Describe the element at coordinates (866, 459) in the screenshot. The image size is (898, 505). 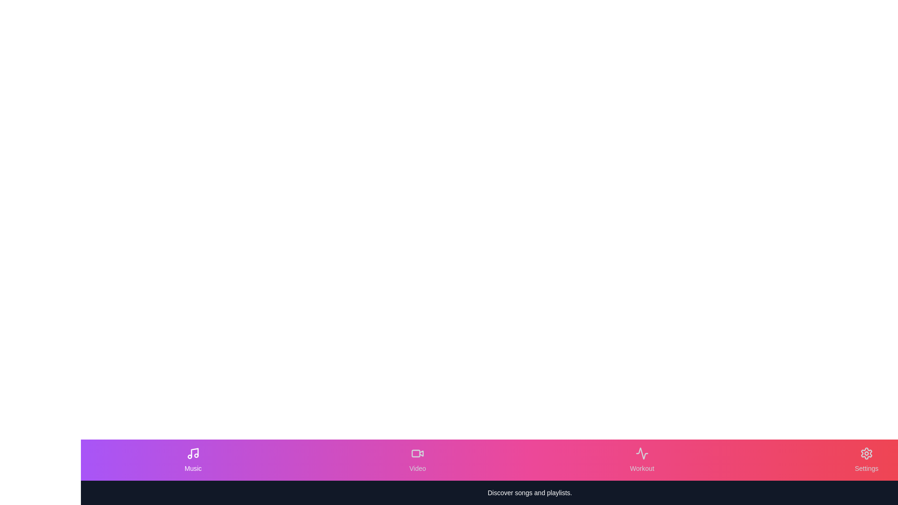
I see `the Settings tab to view its tooltip` at that location.